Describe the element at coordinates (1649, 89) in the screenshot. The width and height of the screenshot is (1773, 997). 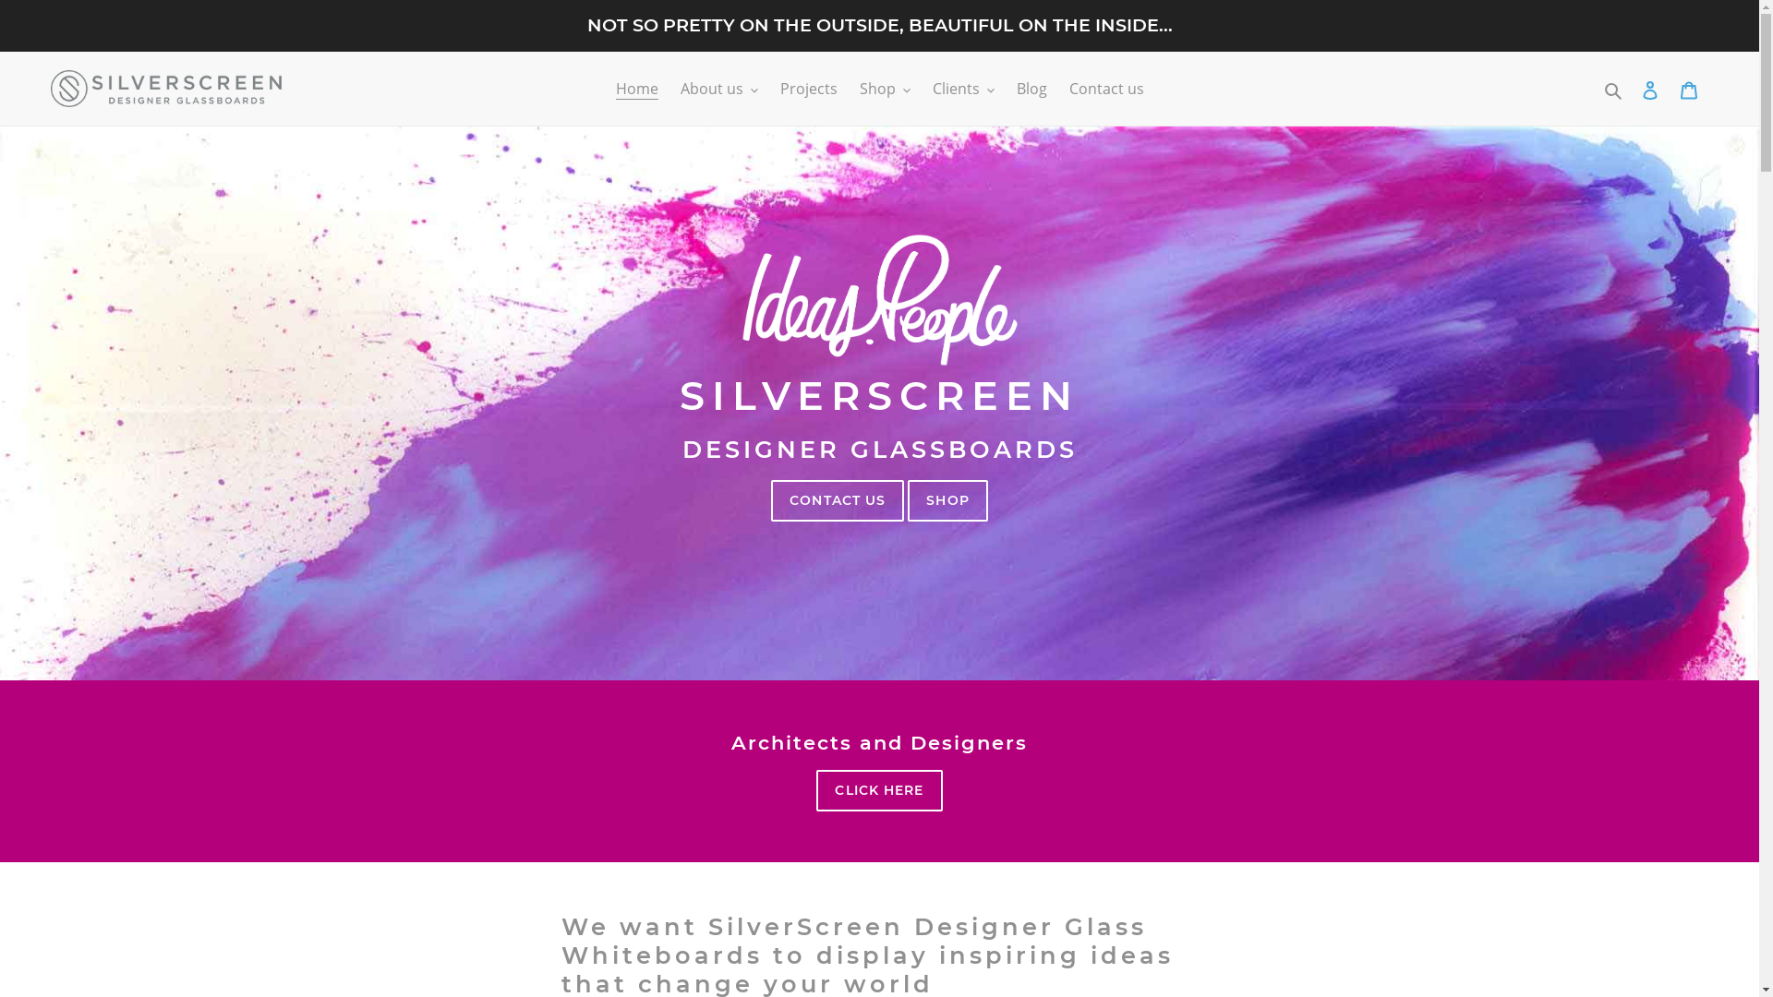
I see `'Log in'` at that location.